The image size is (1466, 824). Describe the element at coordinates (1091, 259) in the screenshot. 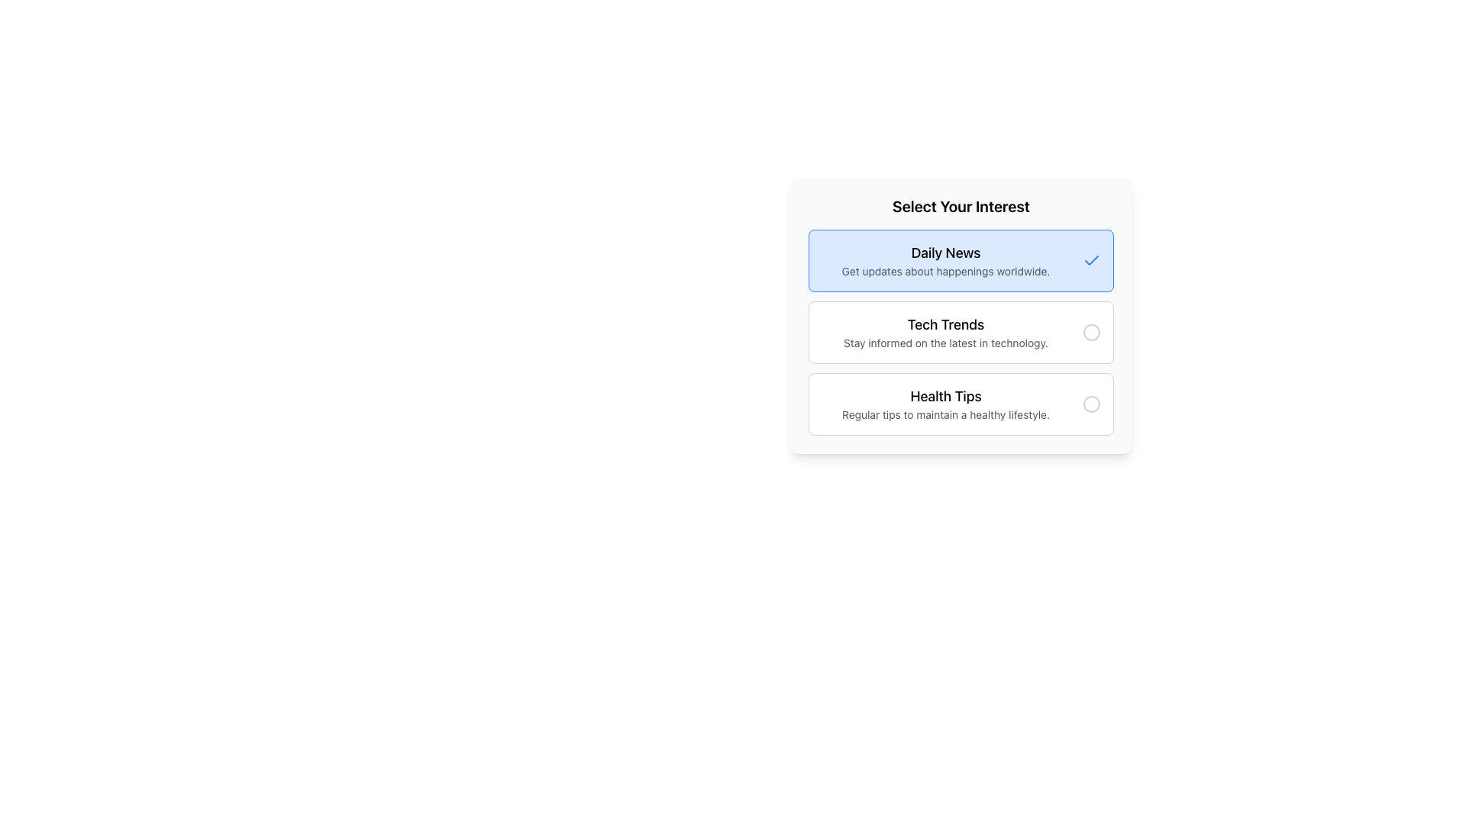

I see `the selection state represented by the blue checkmark icon located inside the circular area of the 'Daily News' selection box` at that location.